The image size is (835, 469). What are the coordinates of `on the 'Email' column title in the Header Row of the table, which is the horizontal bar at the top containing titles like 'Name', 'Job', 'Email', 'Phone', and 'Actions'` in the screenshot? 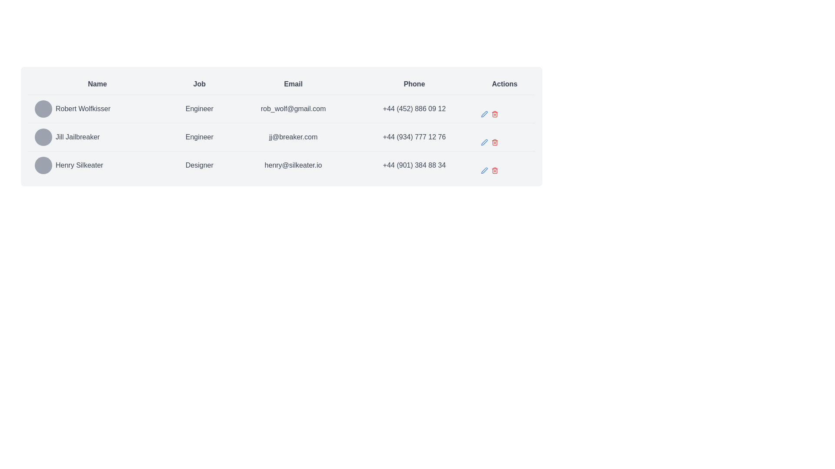 It's located at (281, 84).